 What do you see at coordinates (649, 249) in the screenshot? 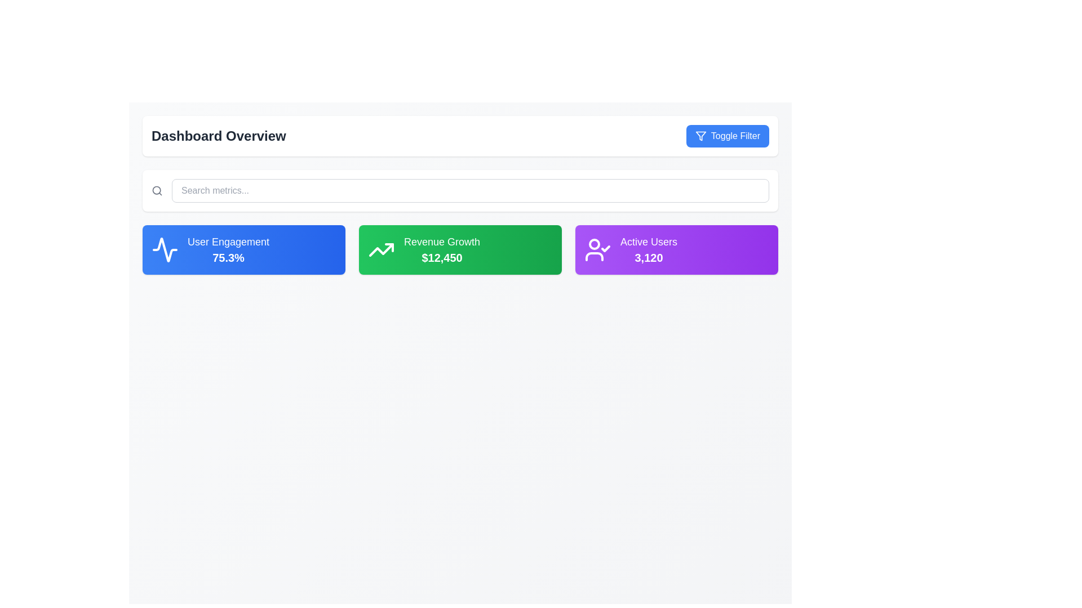
I see `the data display card showing '3,120' active users located in the bottom right section of the third card in a row of three cards with a purple background` at bounding box center [649, 249].